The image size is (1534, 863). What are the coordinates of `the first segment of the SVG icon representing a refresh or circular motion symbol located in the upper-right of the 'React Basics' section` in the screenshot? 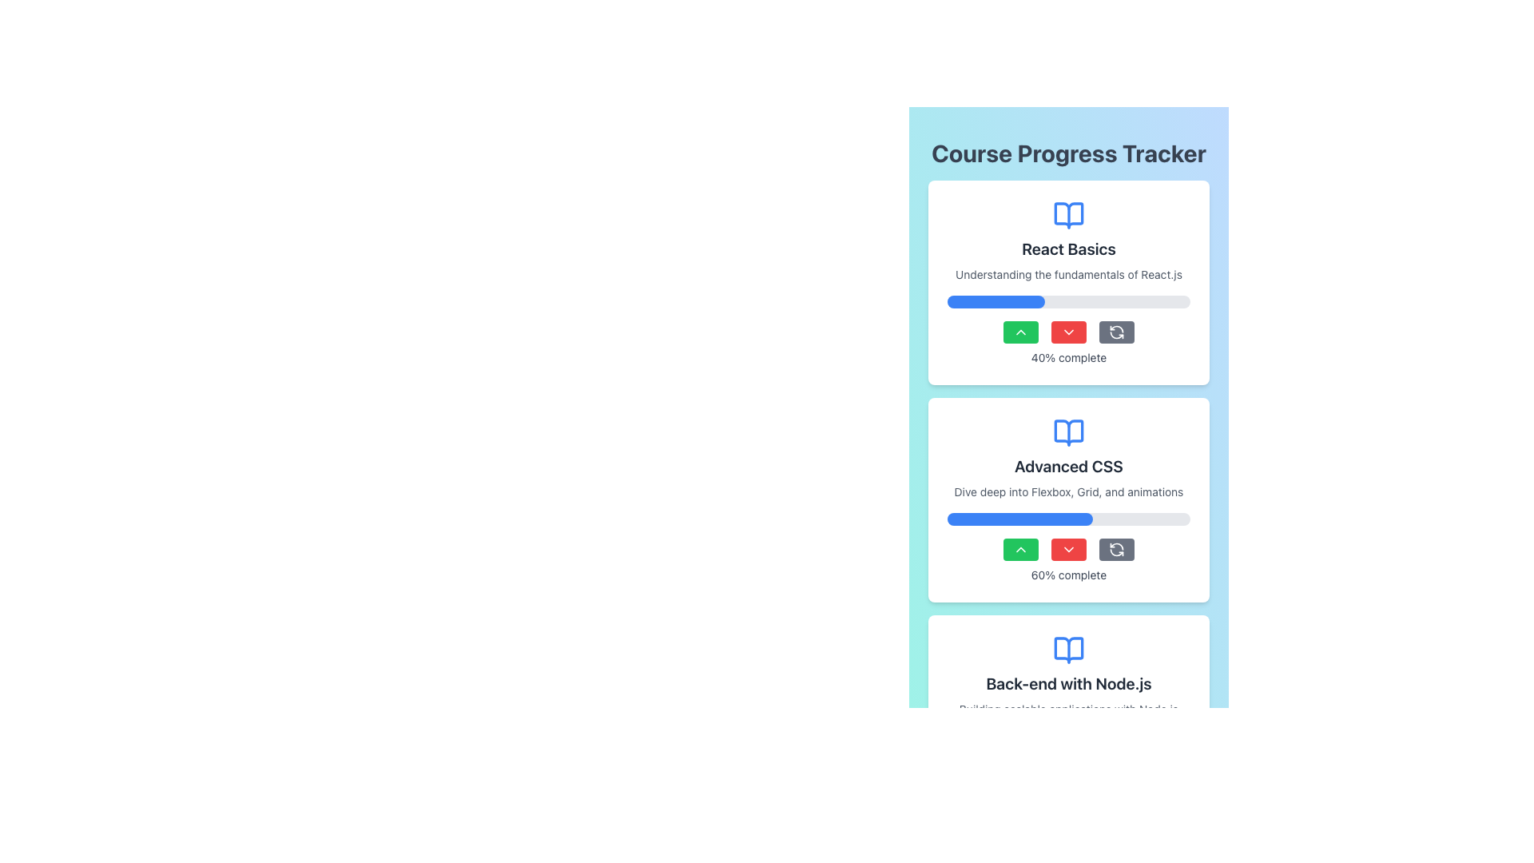 It's located at (1115, 545).